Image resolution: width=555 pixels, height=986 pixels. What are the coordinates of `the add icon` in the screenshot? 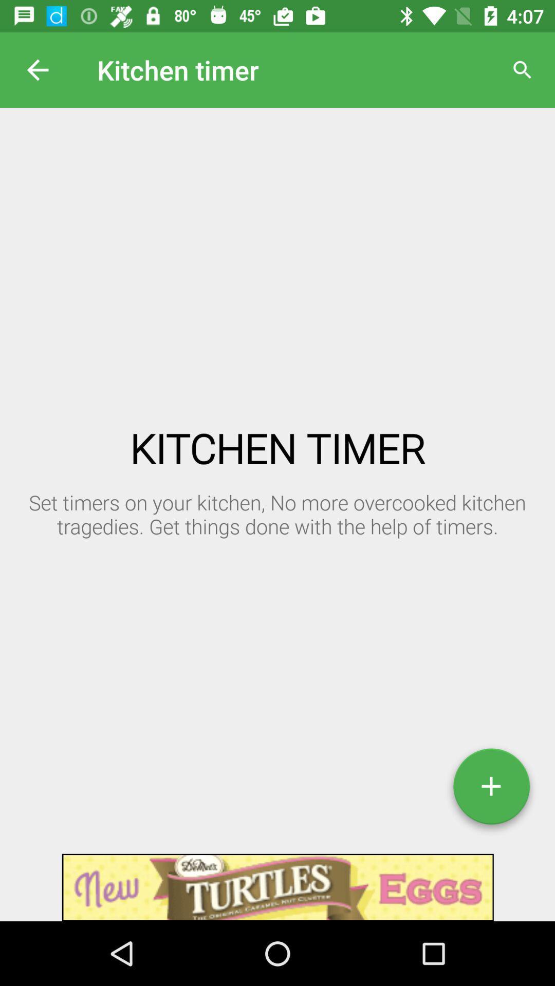 It's located at (491, 790).